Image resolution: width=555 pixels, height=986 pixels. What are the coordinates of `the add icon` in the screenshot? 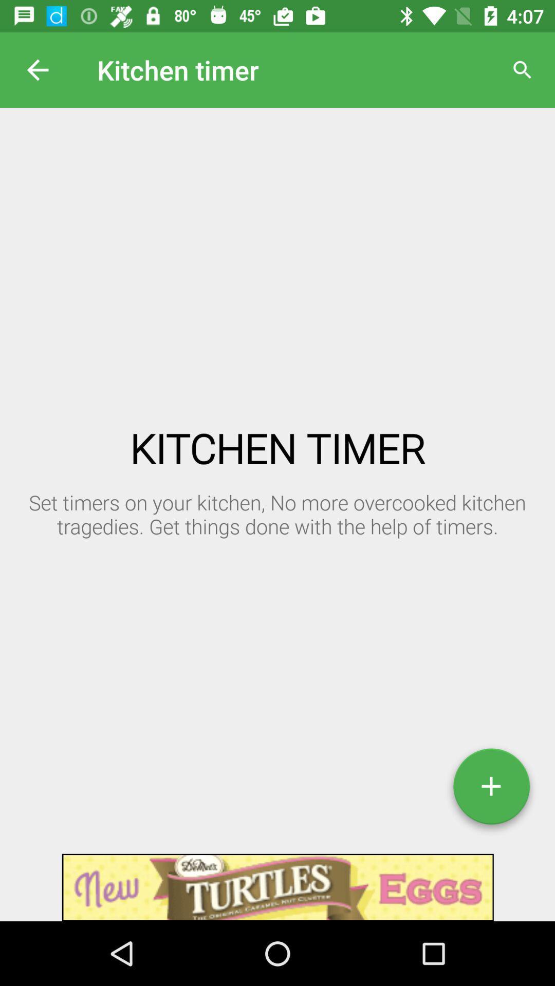 It's located at (491, 790).